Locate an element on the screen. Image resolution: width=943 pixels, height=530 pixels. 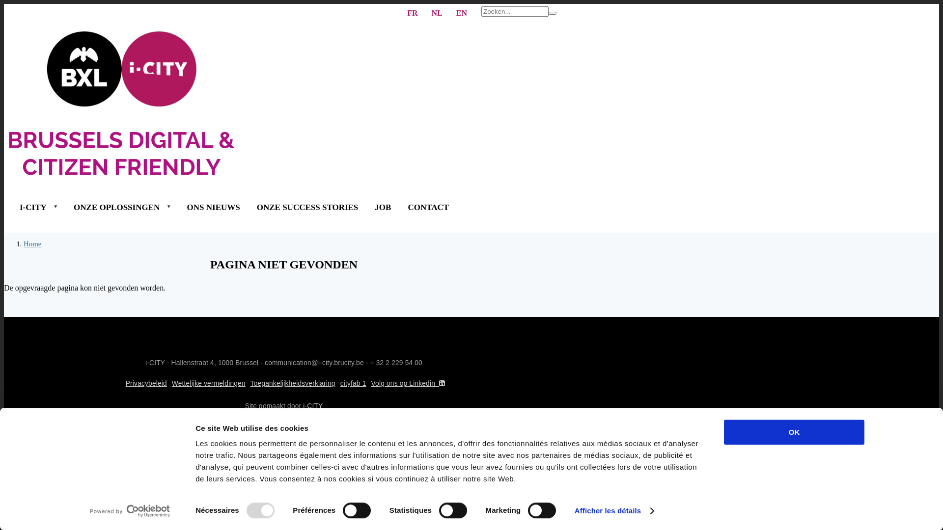
'Geef de woorden op waarnaar u wilt zoeken.' is located at coordinates (514, 11).